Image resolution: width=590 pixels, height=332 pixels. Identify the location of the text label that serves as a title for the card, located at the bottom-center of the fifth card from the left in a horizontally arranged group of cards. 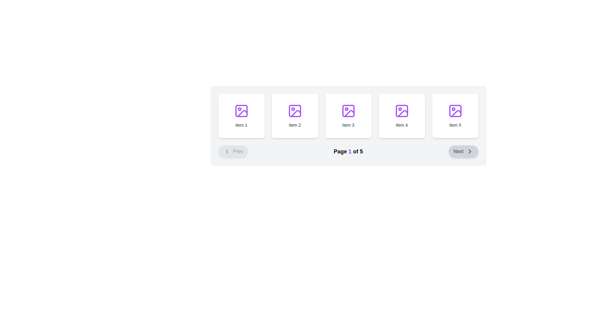
(455, 125).